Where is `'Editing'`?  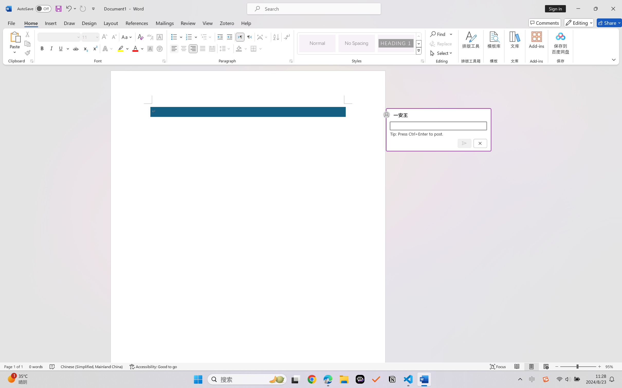 'Editing' is located at coordinates (579, 23).